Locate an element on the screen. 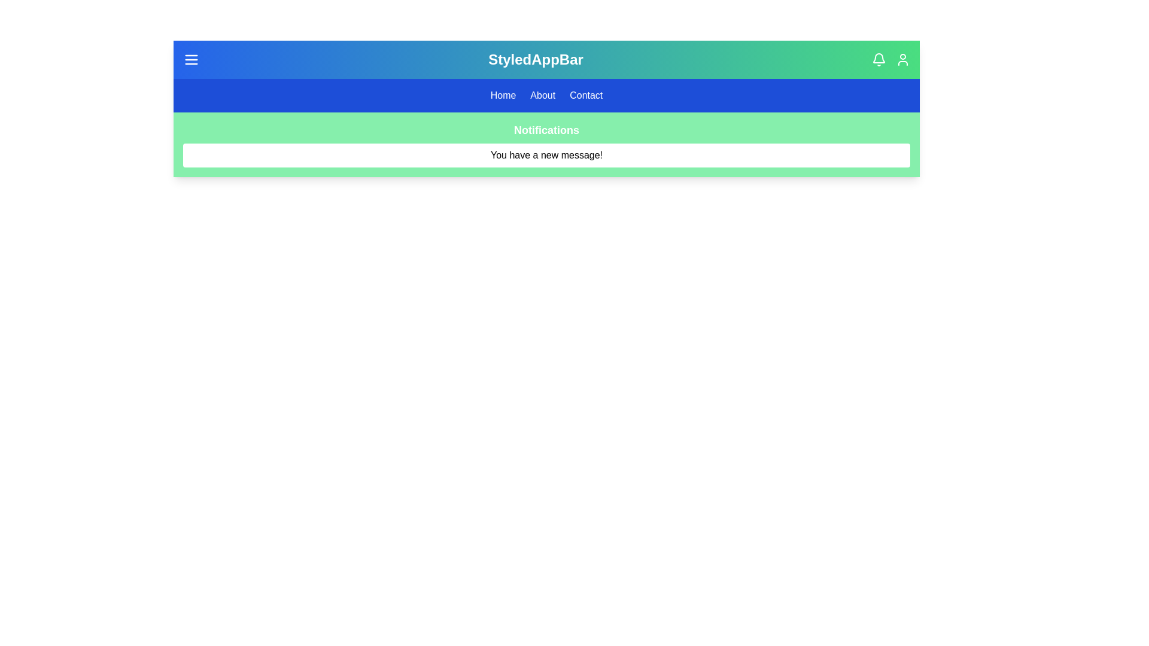  the 'Home' navigation link located at the leftmost position of the blue navigation bar is located at coordinates (503, 95).